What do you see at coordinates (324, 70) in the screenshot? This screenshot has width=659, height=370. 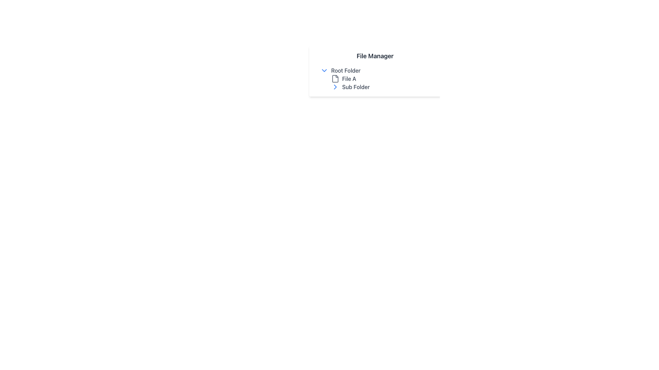 I see `the chevron icon positioned at the leftmost part of the 'Root Folder' row` at bounding box center [324, 70].